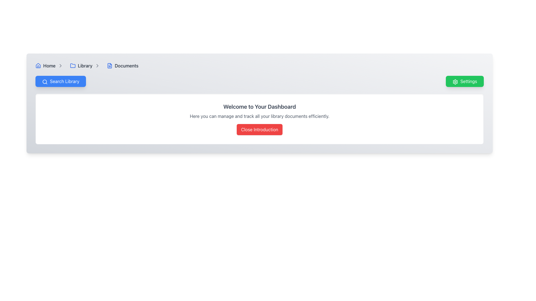 Image resolution: width=536 pixels, height=301 pixels. I want to click on the second chevron icon in the breadcrumb navigation bar, which separates 'Home' and 'Library', so click(60, 65).